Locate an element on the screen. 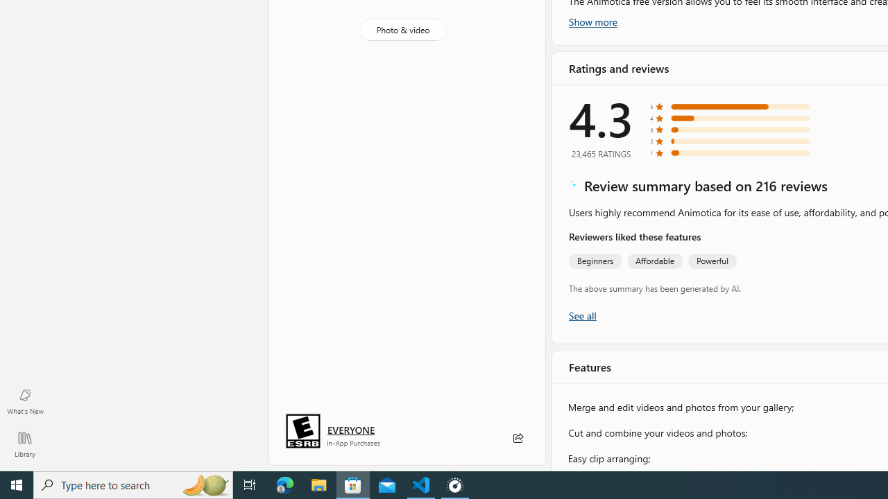 The height and width of the screenshot is (499, 888). 'Show all ratings and reviews' is located at coordinates (582, 315).